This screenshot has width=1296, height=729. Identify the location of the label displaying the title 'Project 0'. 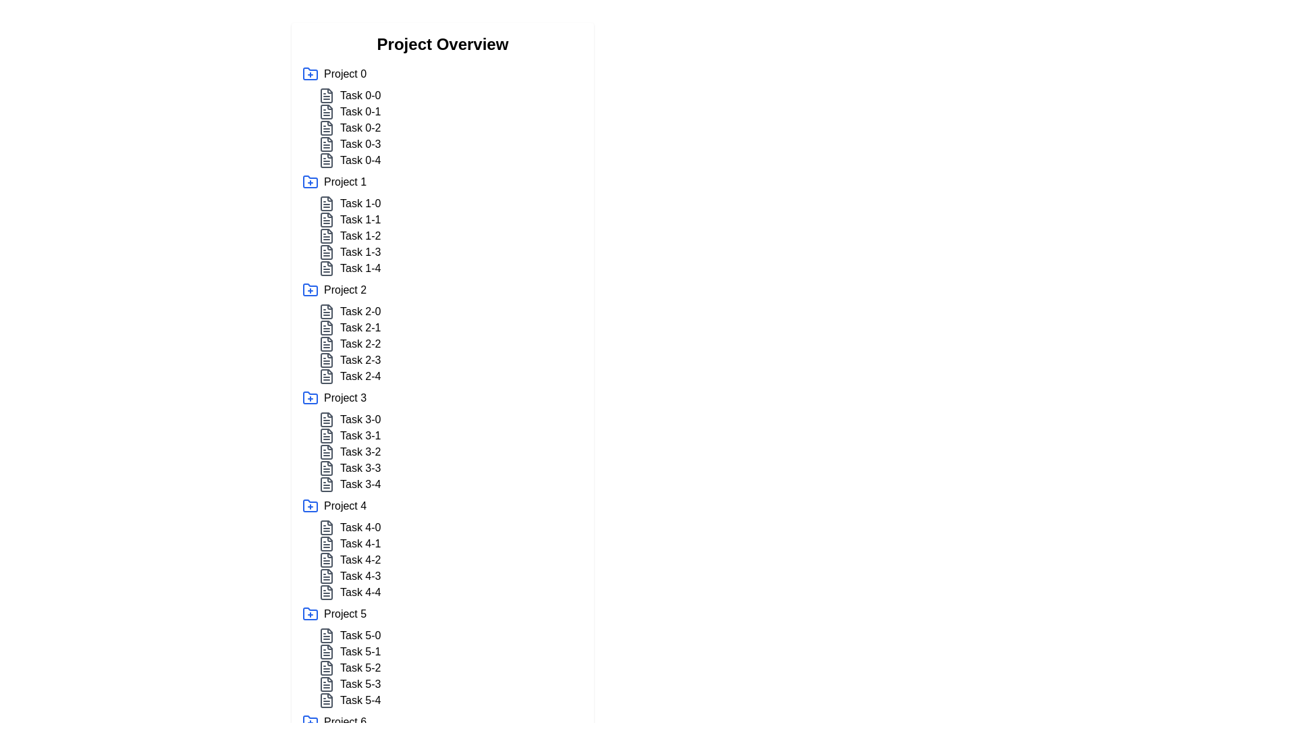
(345, 74).